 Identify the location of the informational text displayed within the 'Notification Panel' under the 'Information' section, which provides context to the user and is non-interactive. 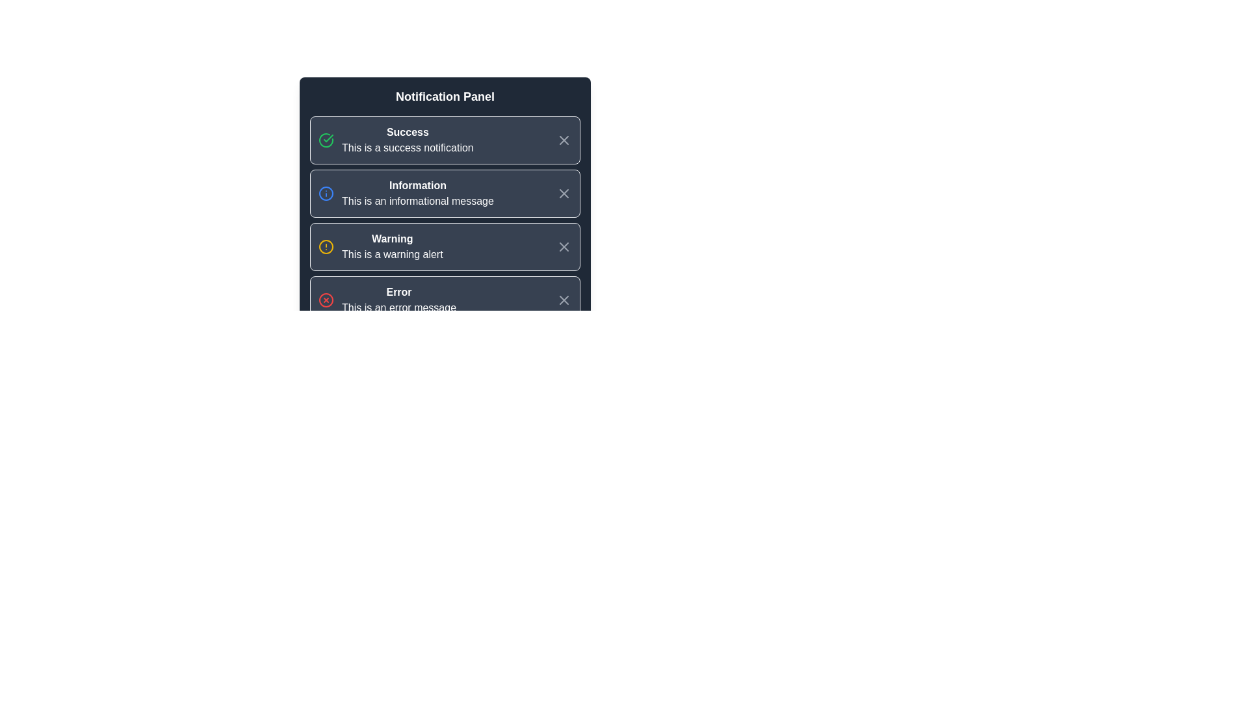
(418, 201).